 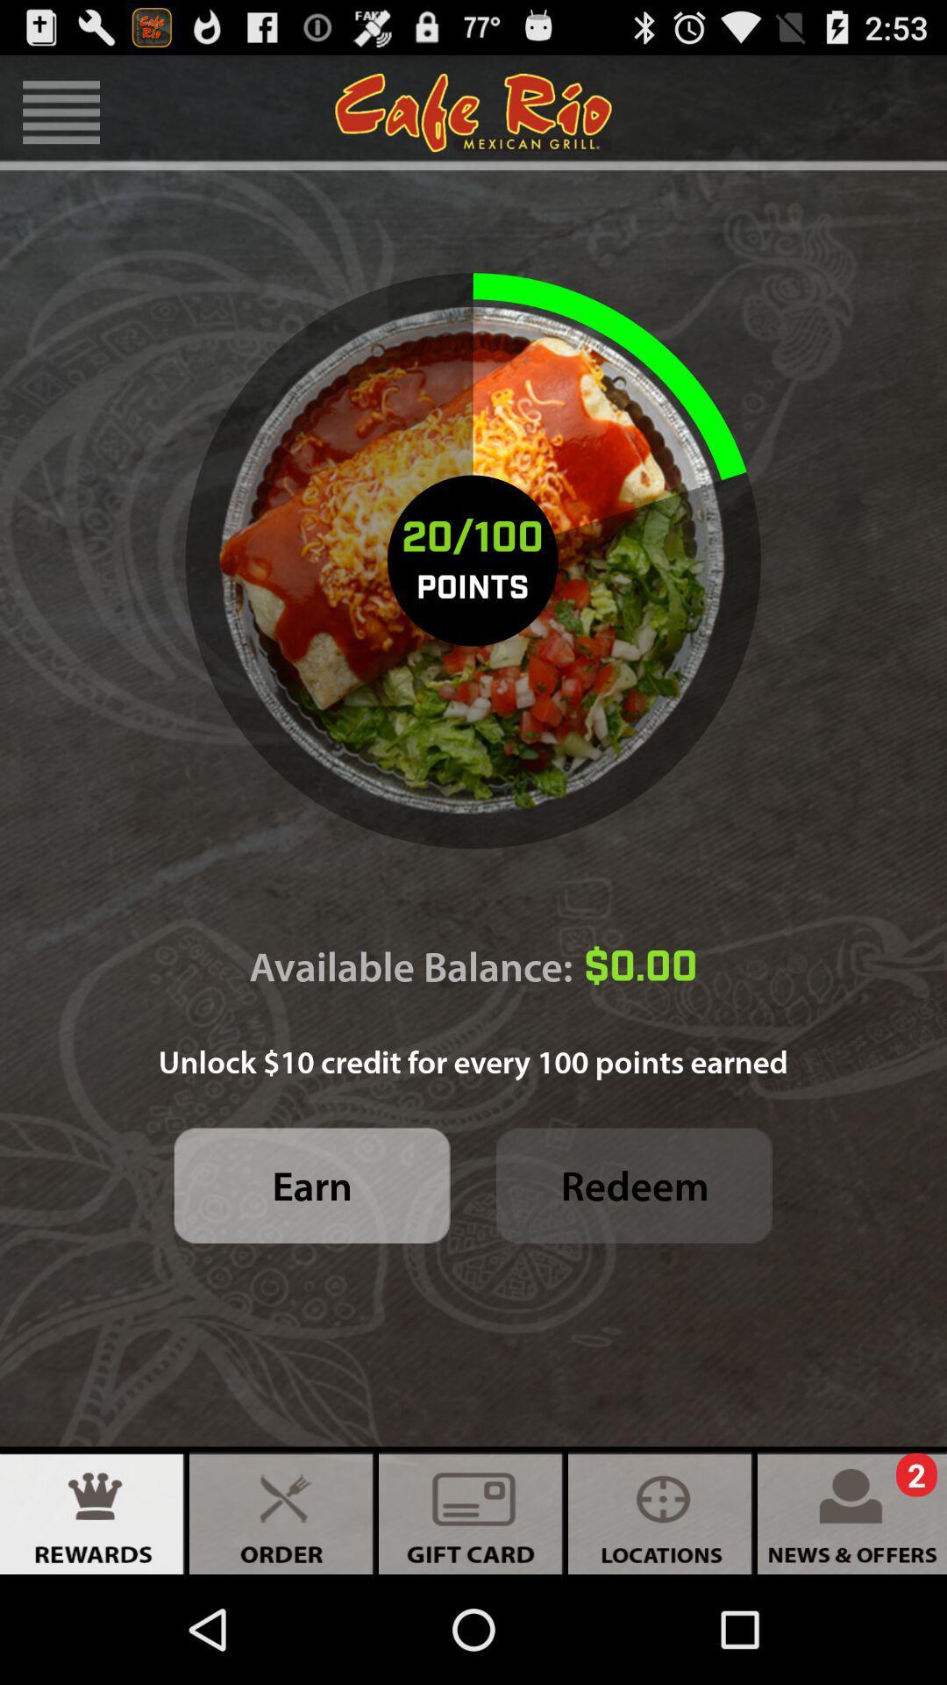 What do you see at coordinates (61, 119) in the screenshot?
I see `the menu icon` at bounding box center [61, 119].